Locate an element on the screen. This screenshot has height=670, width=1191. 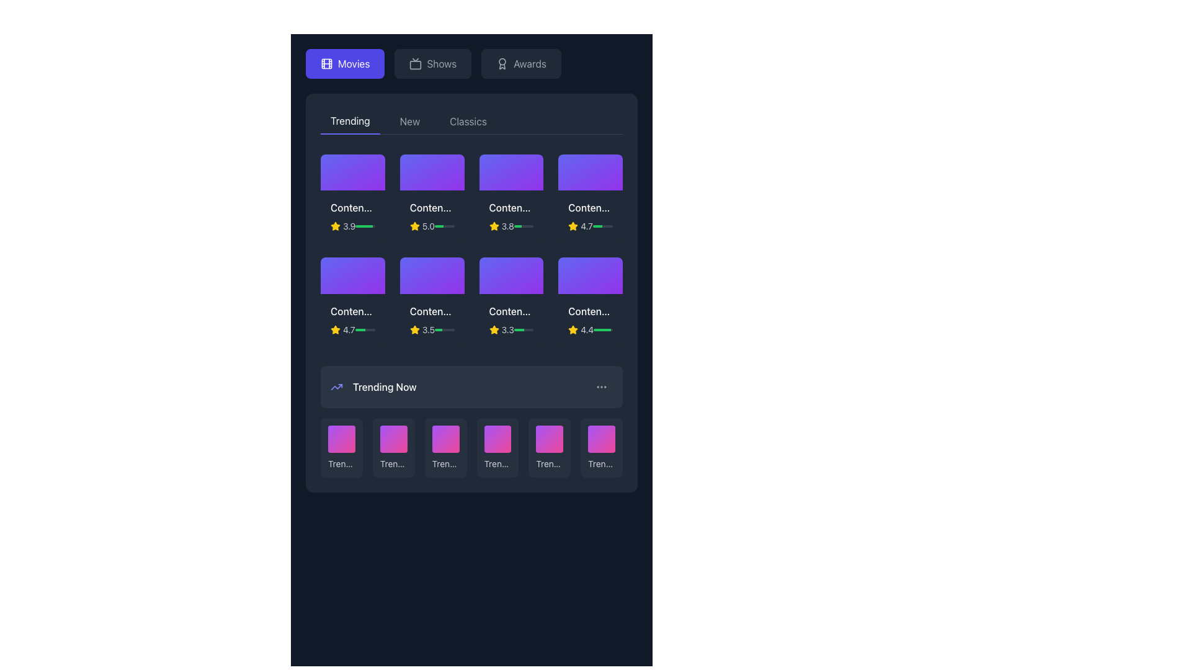
the rectangular button labeled 'Trending #4' with a gradient background is located at coordinates (497, 447).